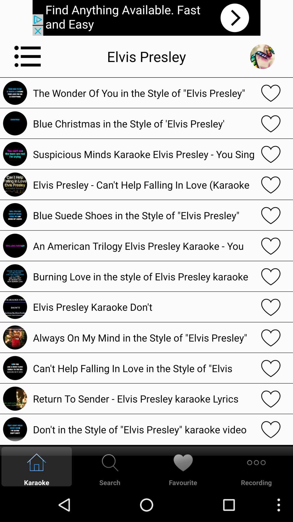 The height and width of the screenshot is (522, 293). Describe the element at coordinates (271, 93) in the screenshot. I see `this song` at that location.